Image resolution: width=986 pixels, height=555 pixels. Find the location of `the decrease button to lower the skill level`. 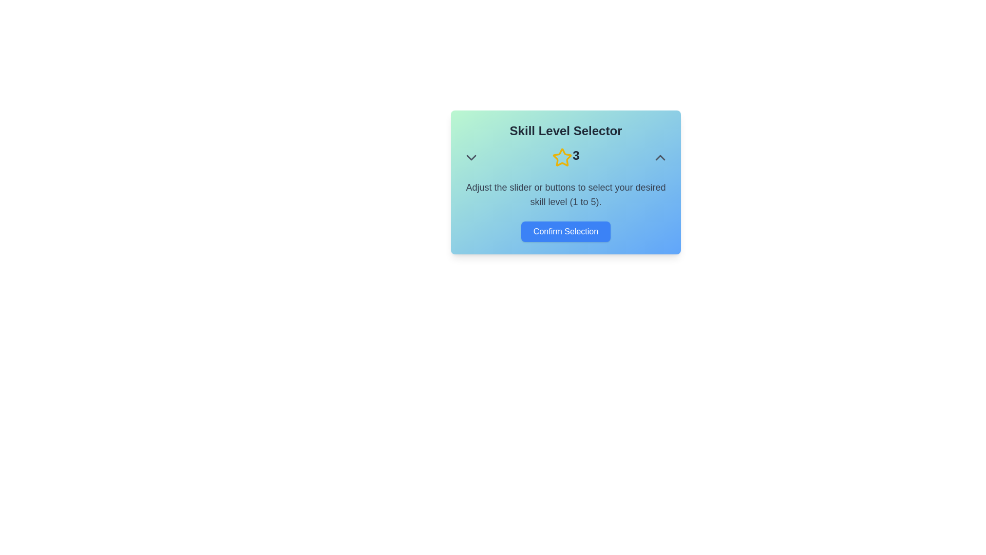

the decrease button to lower the skill level is located at coordinates (470, 158).